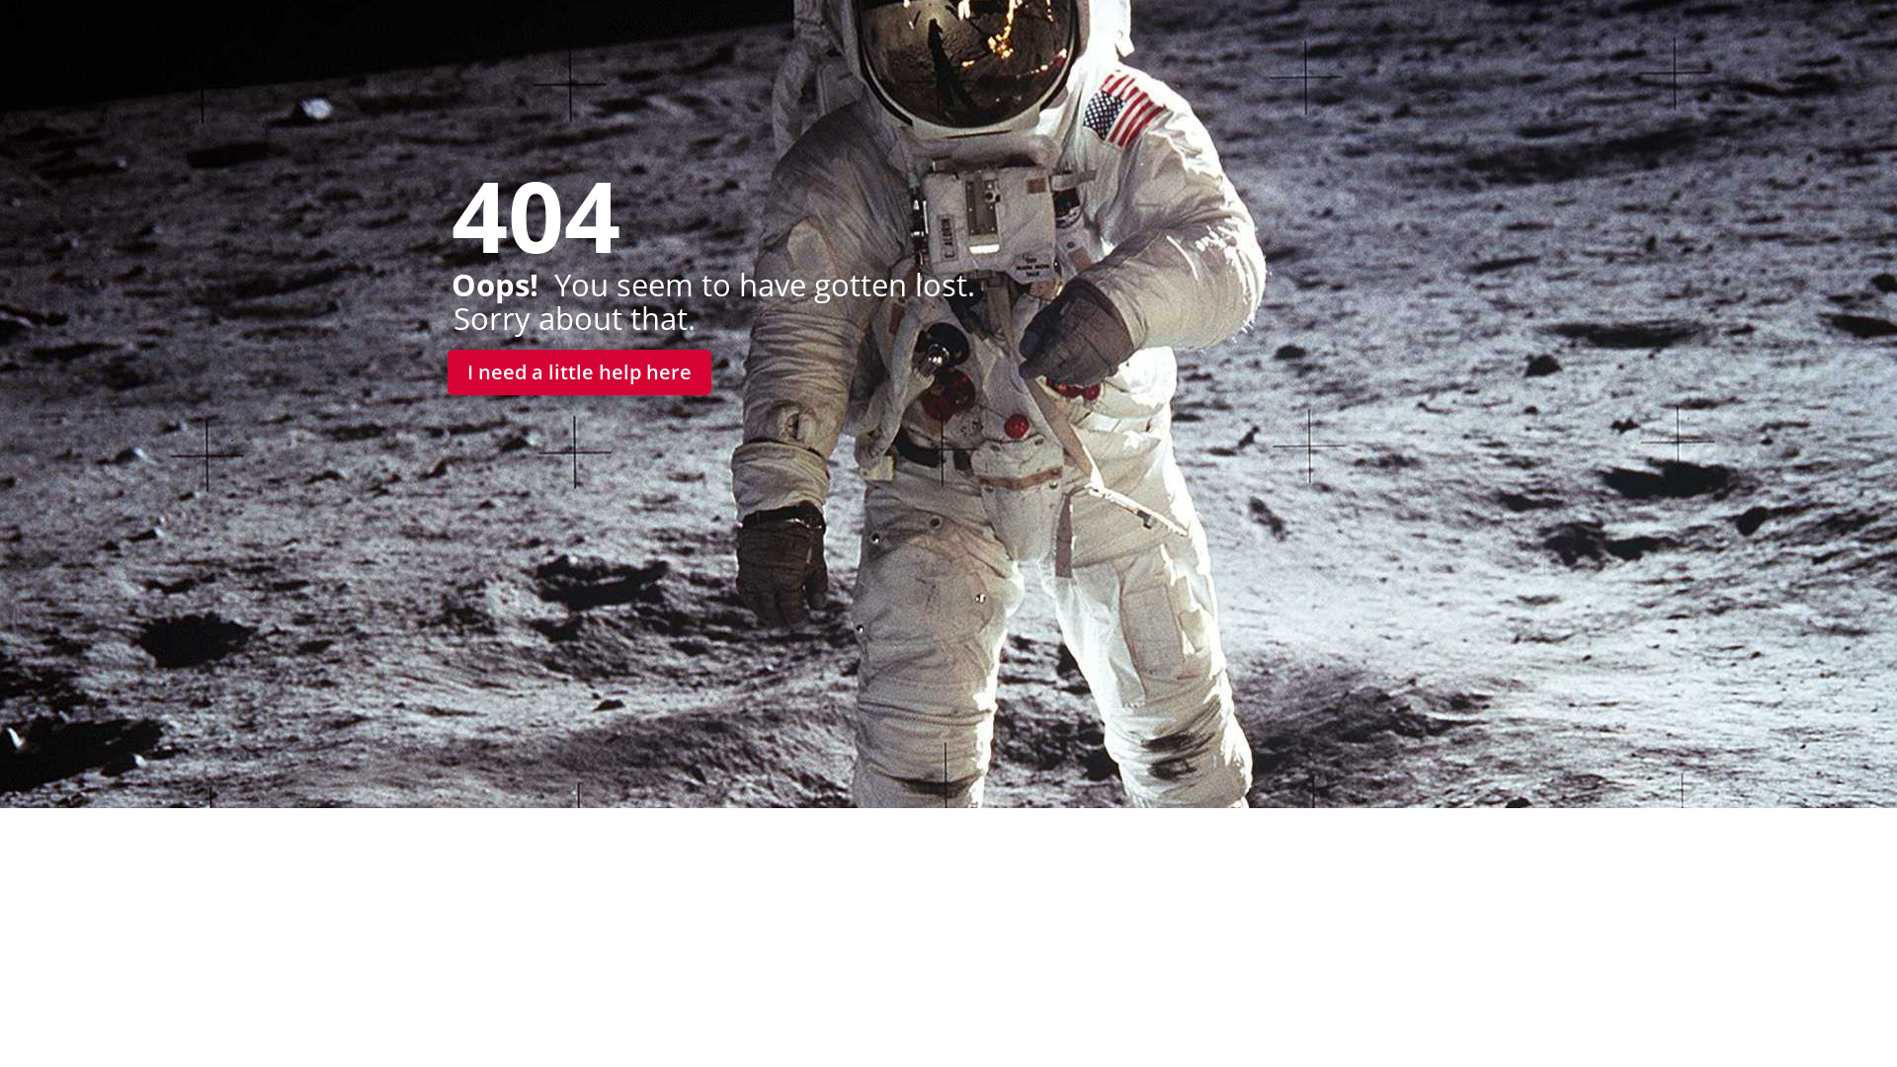 This screenshot has width=1897, height=1067. Describe the element at coordinates (578, 372) in the screenshot. I see `'I need a little help here'` at that location.